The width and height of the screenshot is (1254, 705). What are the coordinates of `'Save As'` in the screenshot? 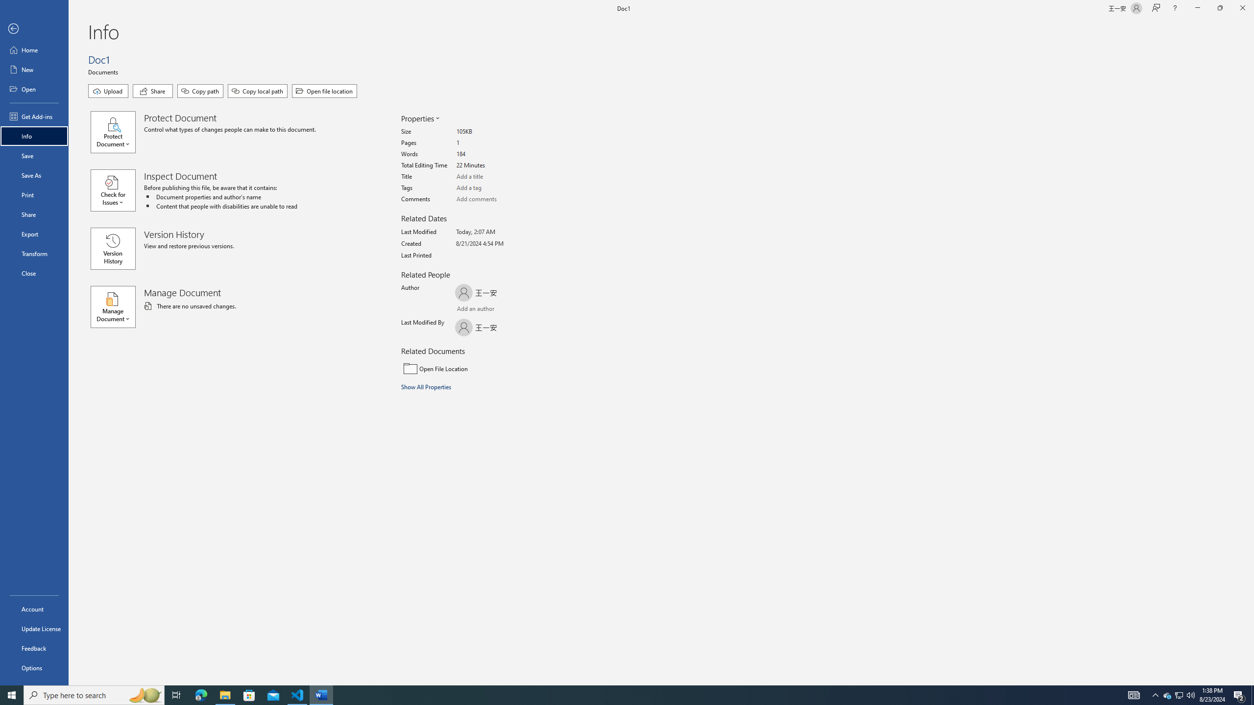 It's located at (34, 174).